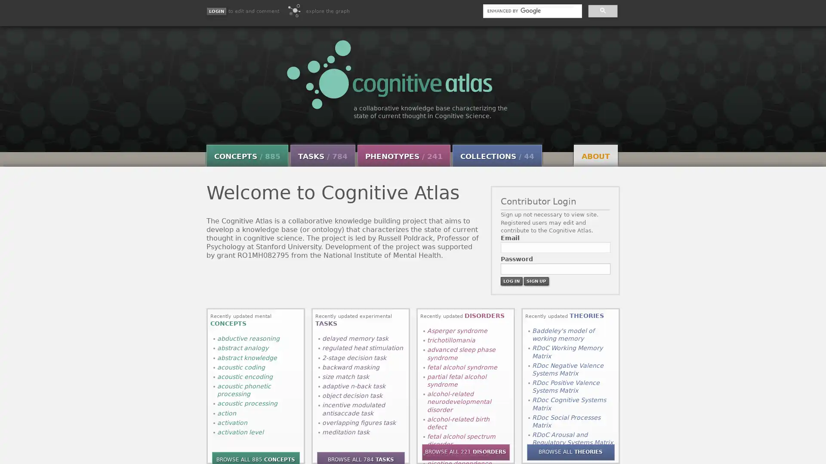 The width and height of the screenshot is (826, 464). What do you see at coordinates (216, 11) in the screenshot?
I see `Login` at bounding box center [216, 11].